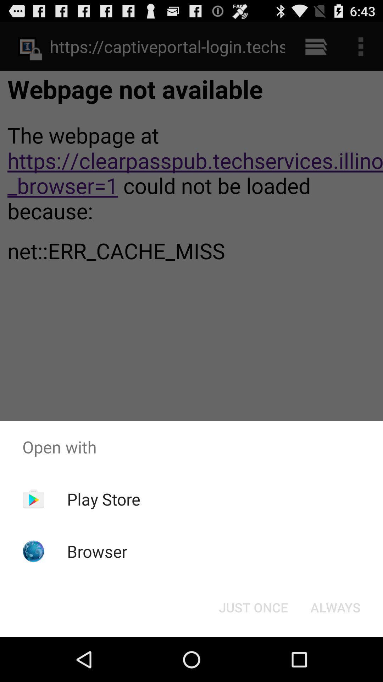  Describe the element at coordinates (104, 499) in the screenshot. I see `the icon below open with item` at that location.